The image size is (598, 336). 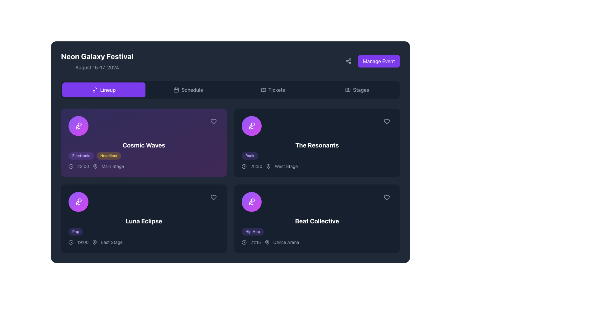 What do you see at coordinates (143, 218) in the screenshot?
I see `the interactive card displaying event information located in the lower-left quadrant of the grid, specifically the third card in the layout` at bounding box center [143, 218].